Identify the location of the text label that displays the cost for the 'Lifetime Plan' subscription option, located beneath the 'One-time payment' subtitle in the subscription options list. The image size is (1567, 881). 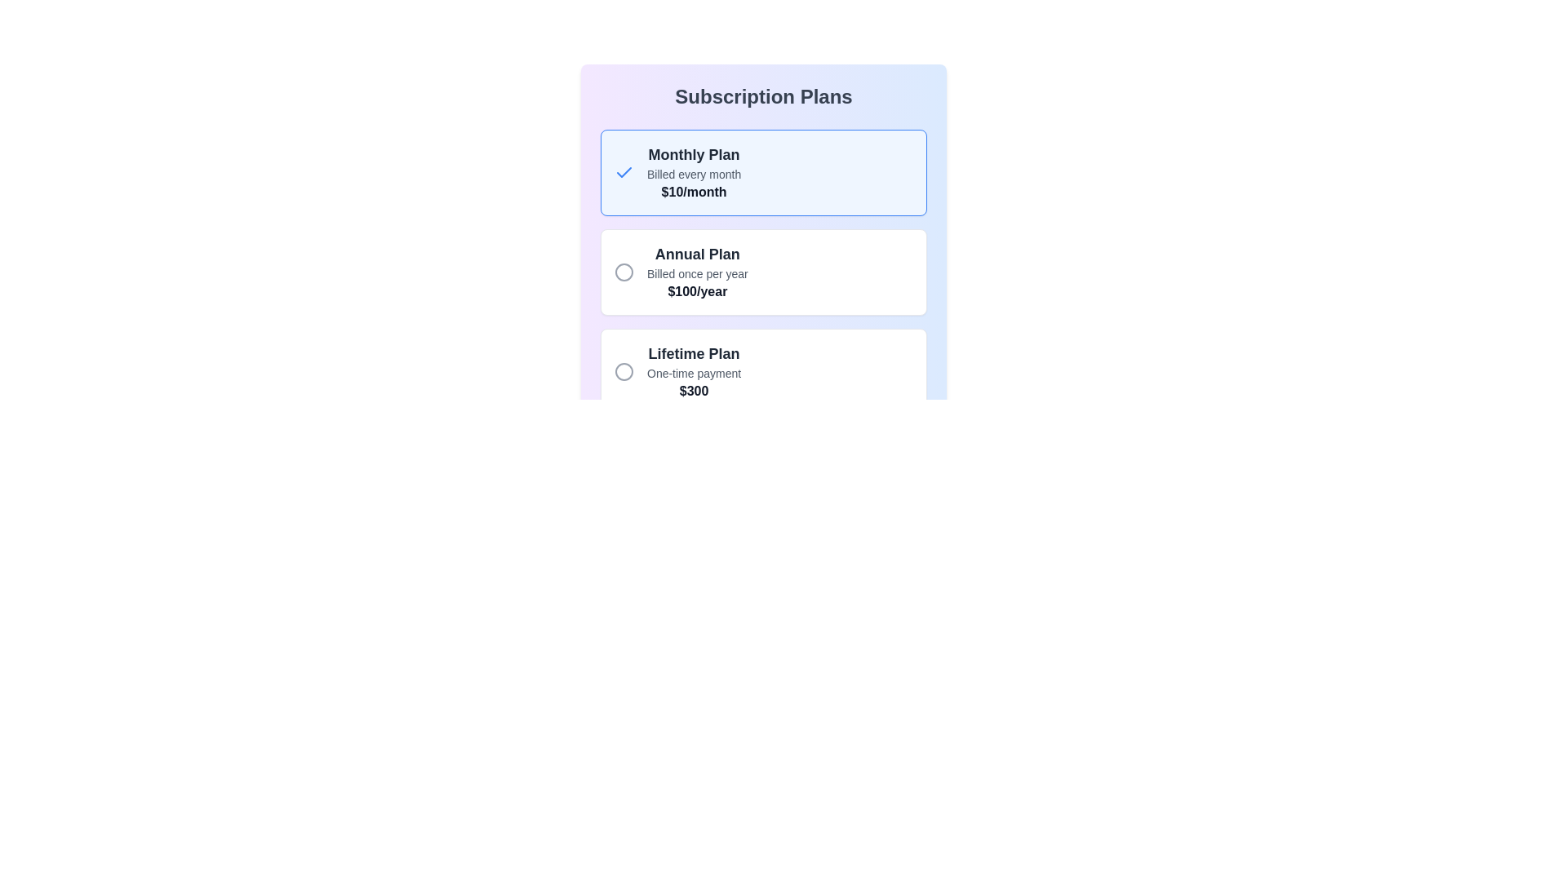
(694, 391).